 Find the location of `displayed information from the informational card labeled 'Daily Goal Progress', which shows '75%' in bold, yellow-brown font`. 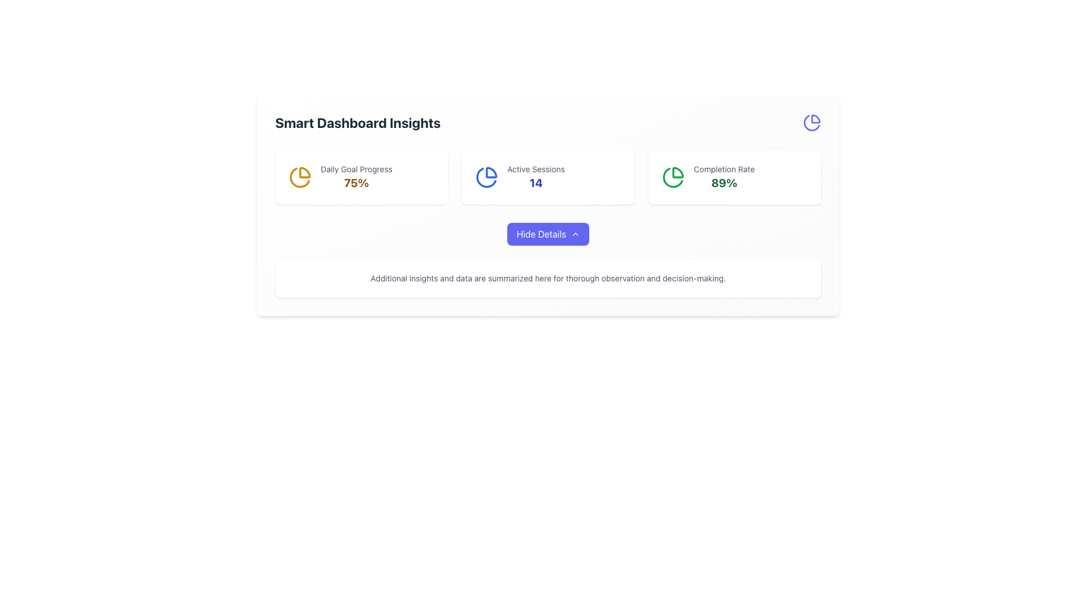

displayed information from the informational card labeled 'Daily Goal Progress', which shows '75%' in bold, yellow-brown font is located at coordinates (361, 177).